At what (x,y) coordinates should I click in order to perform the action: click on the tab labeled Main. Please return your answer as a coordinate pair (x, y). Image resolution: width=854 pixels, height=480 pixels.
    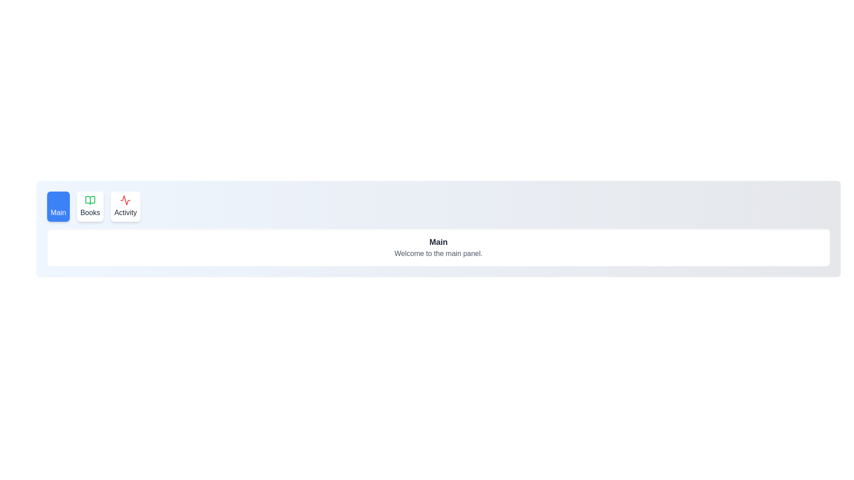
    Looking at the image, I should click on (57, 207).